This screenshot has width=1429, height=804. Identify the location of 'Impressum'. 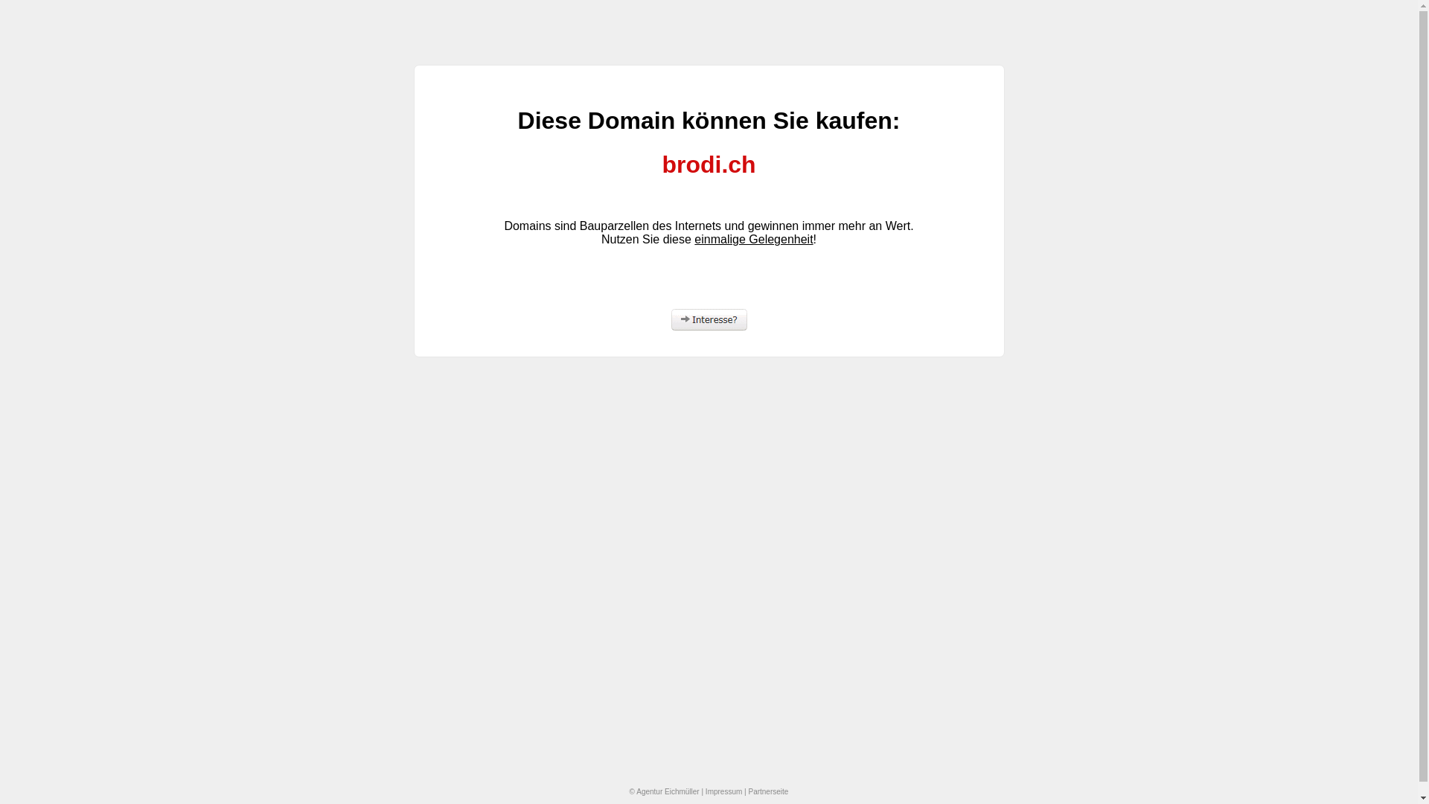
(705, 791).